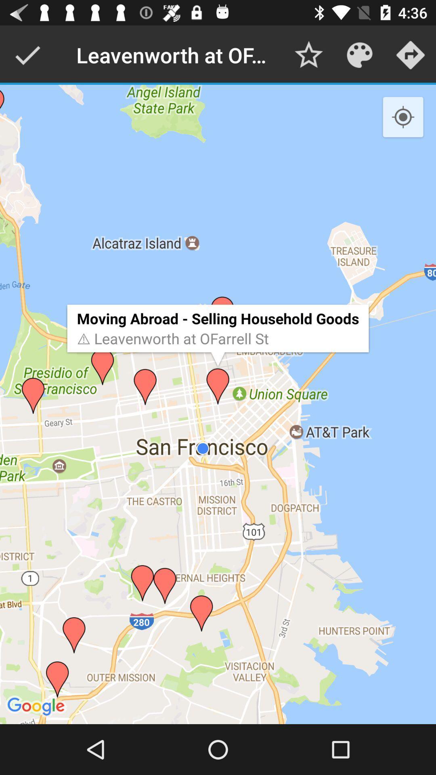 This screenshot has width=436, height=775. I want to click on the location_crosshair icon, so click(403, 117).